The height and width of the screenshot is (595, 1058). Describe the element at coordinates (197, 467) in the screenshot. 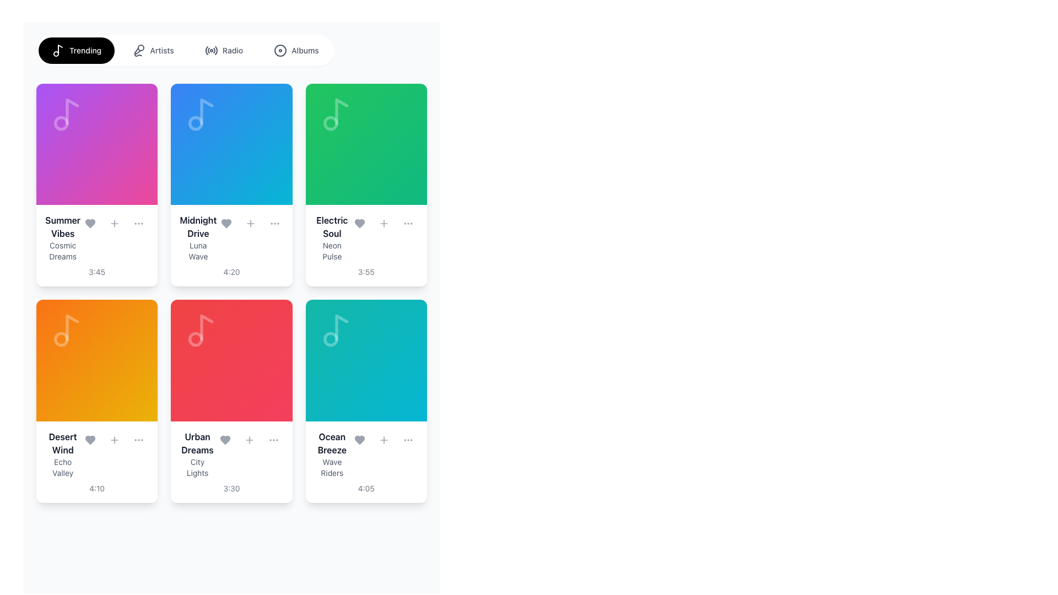

I see `text content of the Text label located below the title 'Urban Dreams' in the second column of the bottom row of the card` at that location.